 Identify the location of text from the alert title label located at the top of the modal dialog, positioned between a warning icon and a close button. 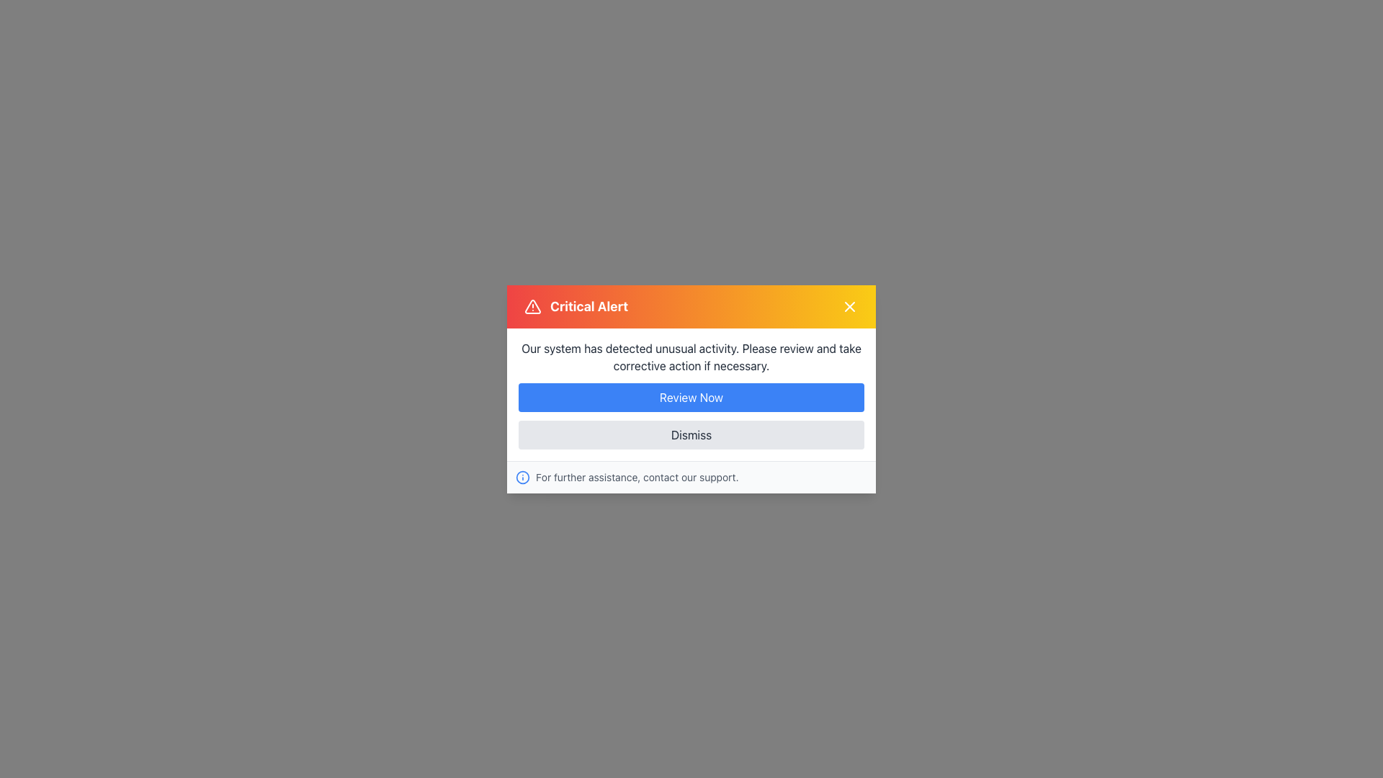
(589, 305).